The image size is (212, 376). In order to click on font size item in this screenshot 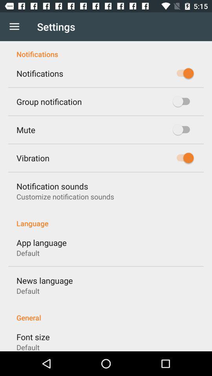, I will do `click(33, 336)`.